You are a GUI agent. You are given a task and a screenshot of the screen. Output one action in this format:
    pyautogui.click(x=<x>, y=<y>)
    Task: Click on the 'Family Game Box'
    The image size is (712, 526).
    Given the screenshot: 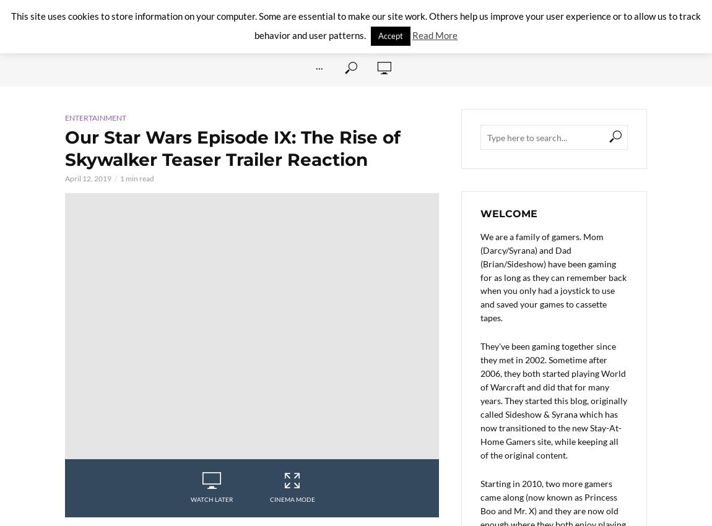 What is the action you would take?
    pyautogui.click(x=356, y=121)
    